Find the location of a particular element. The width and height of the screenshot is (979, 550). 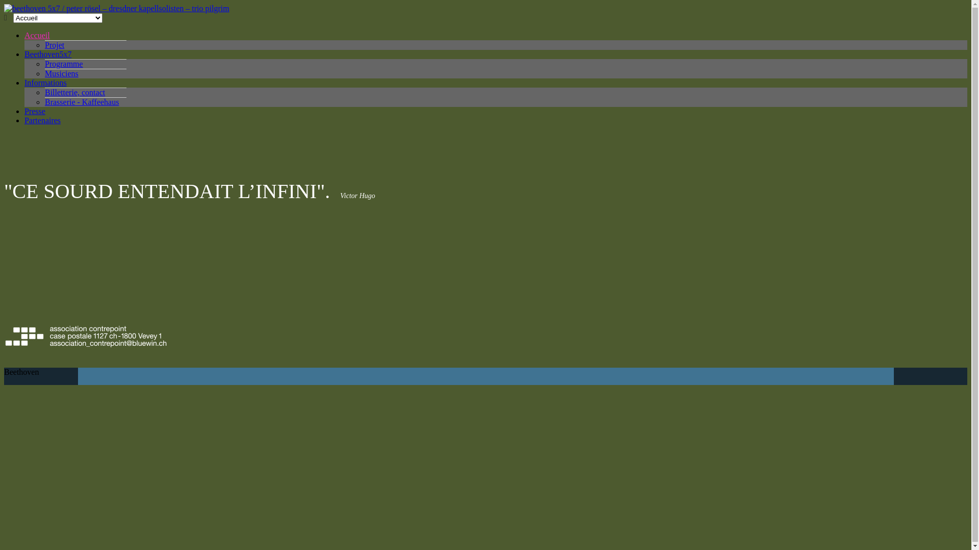

'Programme' is located at coordinates (63, 64).